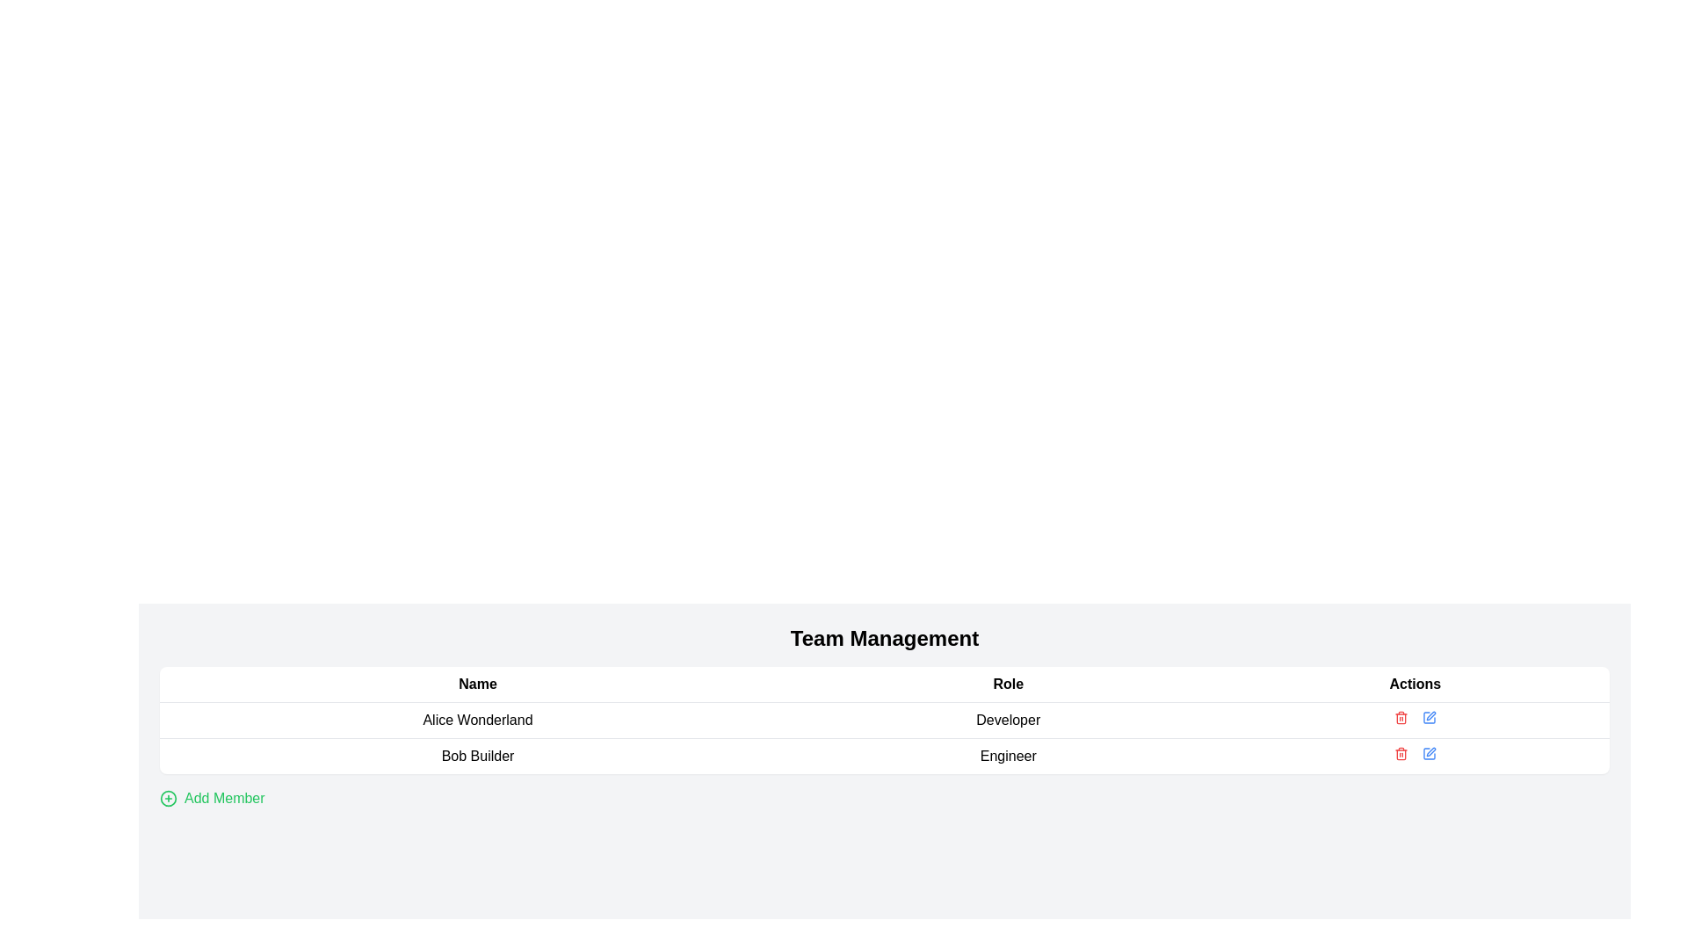 The width and height of the screenshot is (1687, 949). I want to click on the left part of the icon representing the 'Actions' for the entry 'Bob Builder - Engineer', located in the rightmost column of the last row of the table, so click(1429, 752).